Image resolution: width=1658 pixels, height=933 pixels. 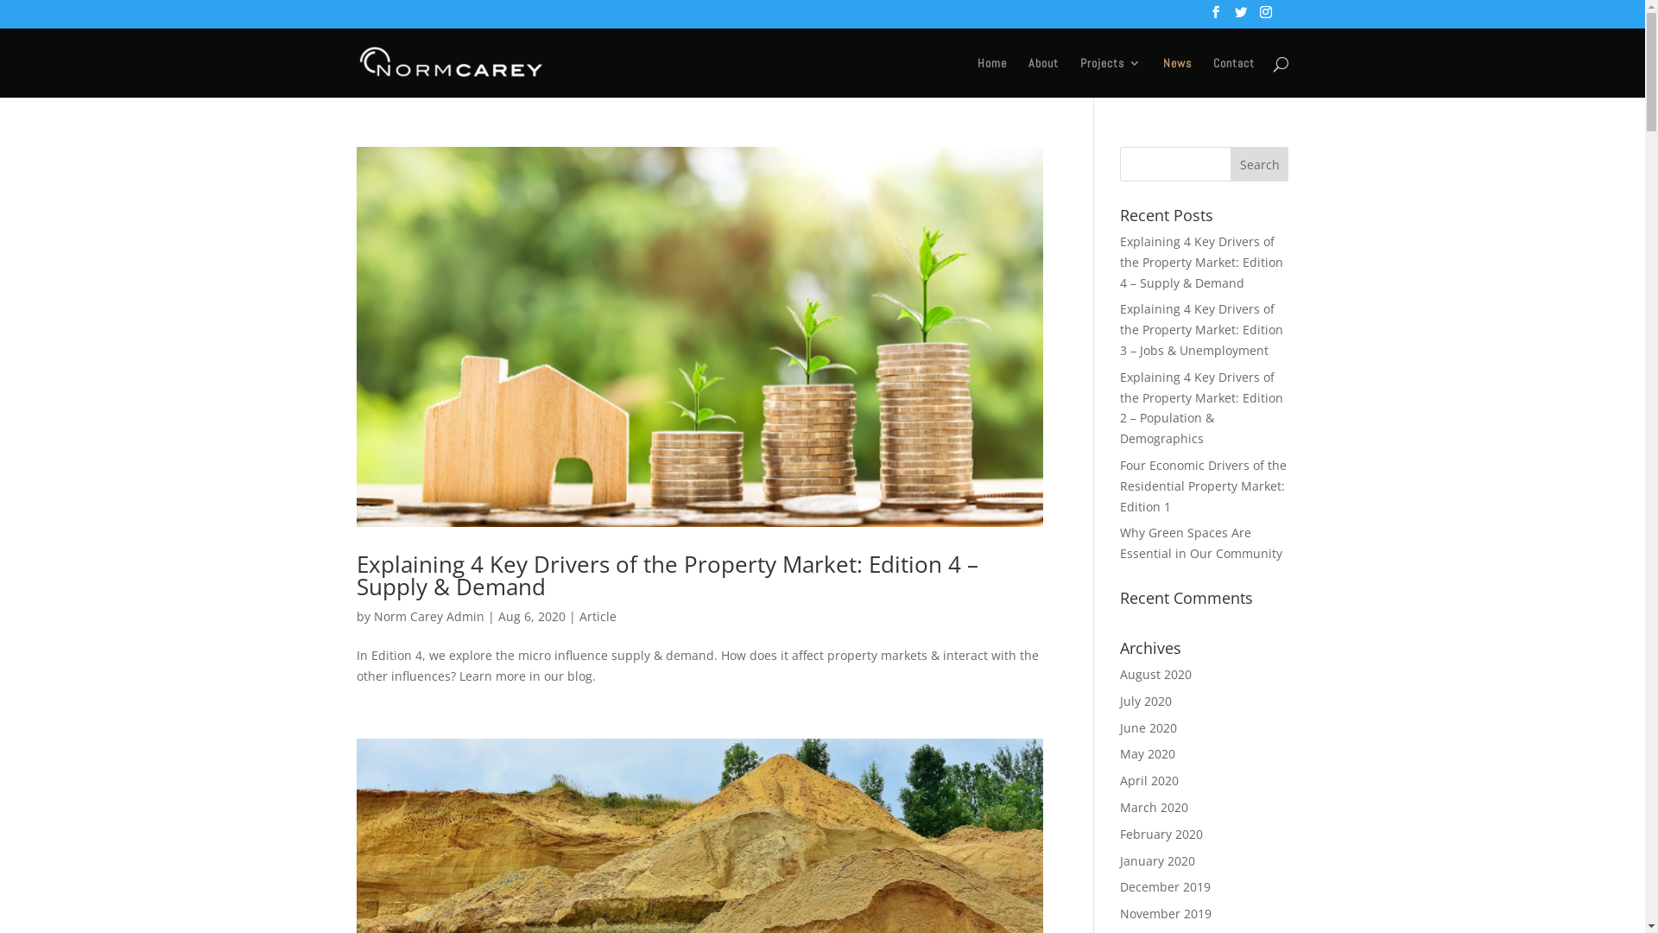 What do you see at coordinates (1148, 727) in the screenshot?
I see `'June 2020'` at bounding box center [1148, 727].